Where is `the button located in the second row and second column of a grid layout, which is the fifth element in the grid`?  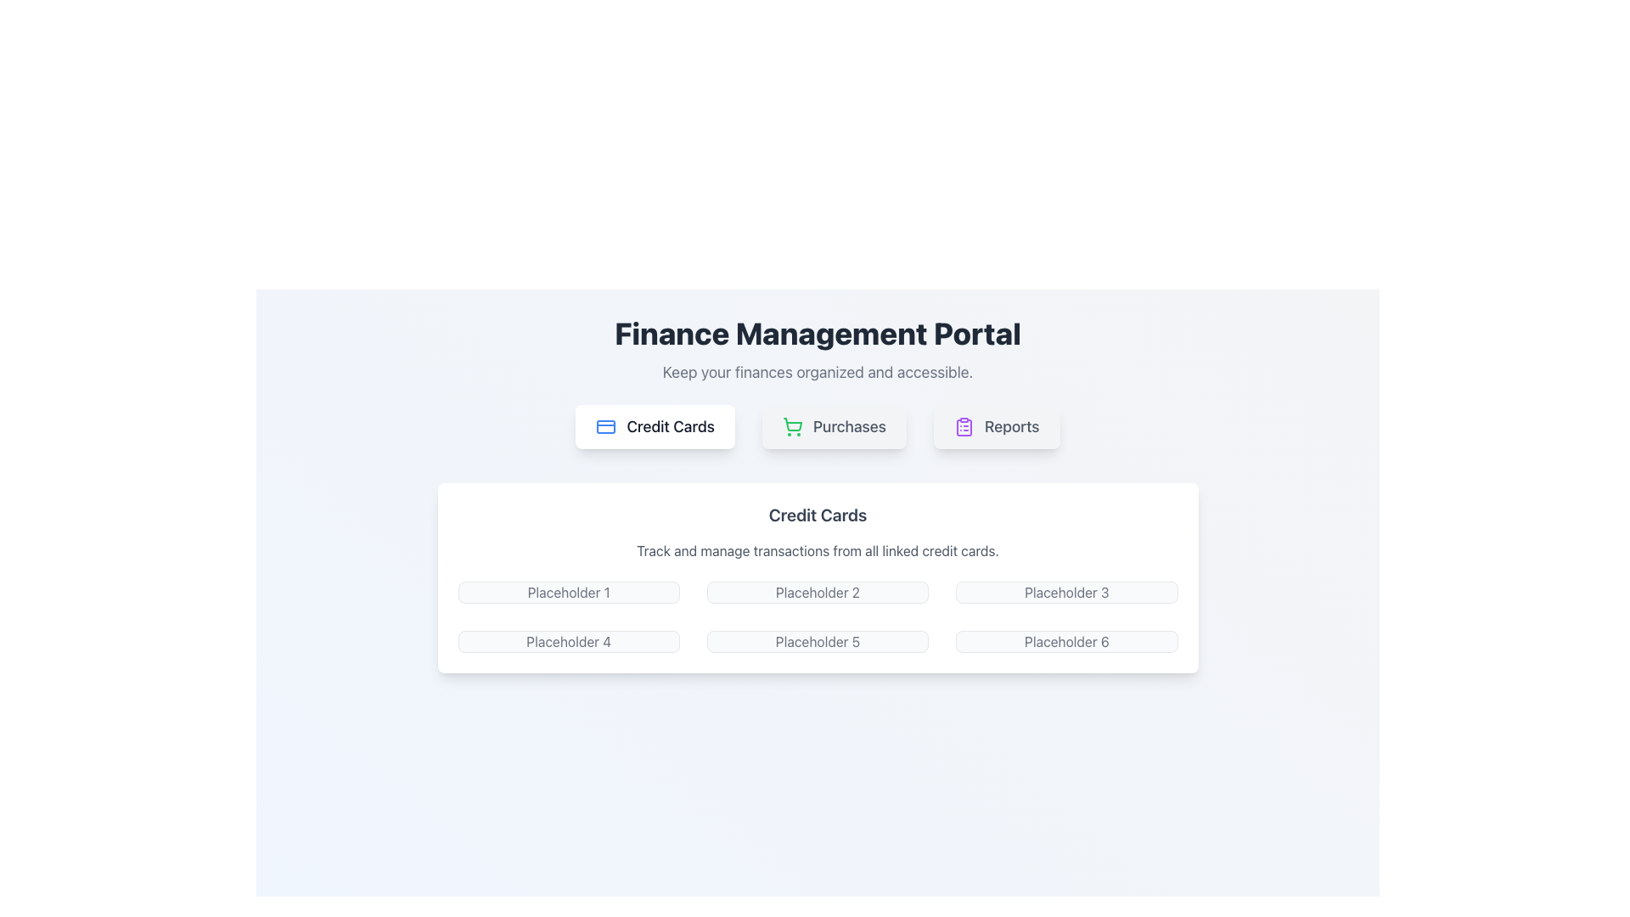 the button located in the second row and second column of a grid layout, which is the fifth element in the grid is located at coordinates (818, 642).